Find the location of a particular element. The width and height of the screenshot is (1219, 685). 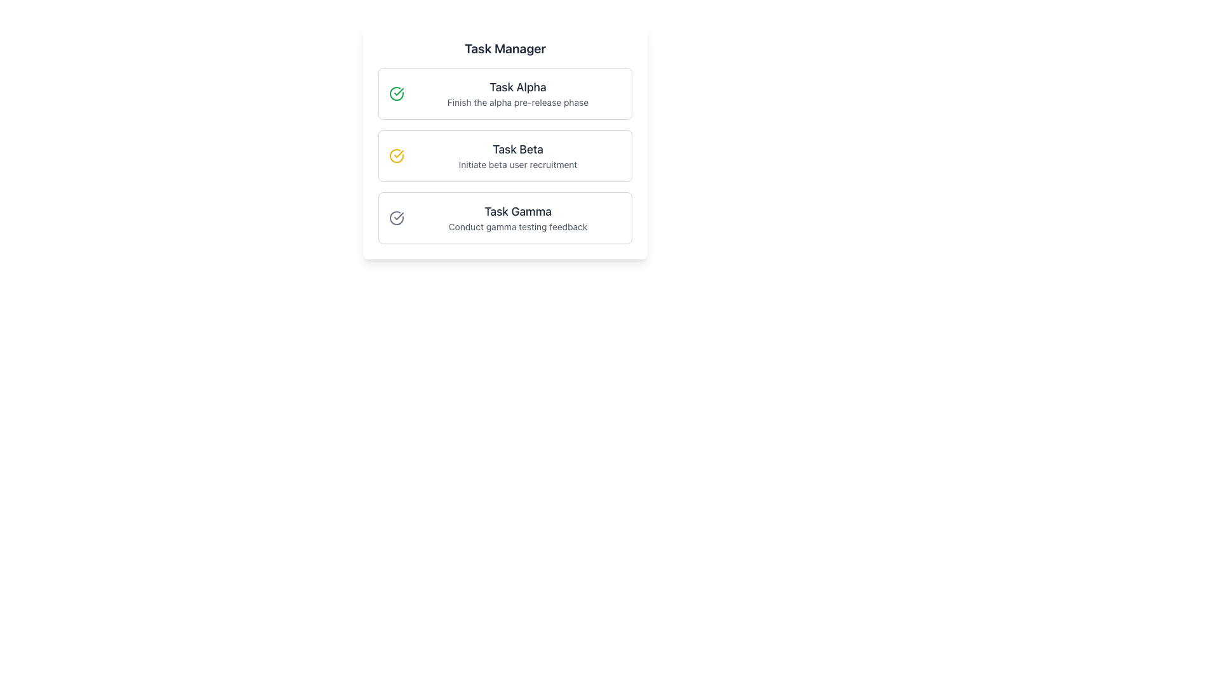

static text label displaying 'Conduct gamma testing feedback', which is located below the 'Task Gamma' title in the last card of a vertically stacked list of tasks is located at coordinates (518, 226).